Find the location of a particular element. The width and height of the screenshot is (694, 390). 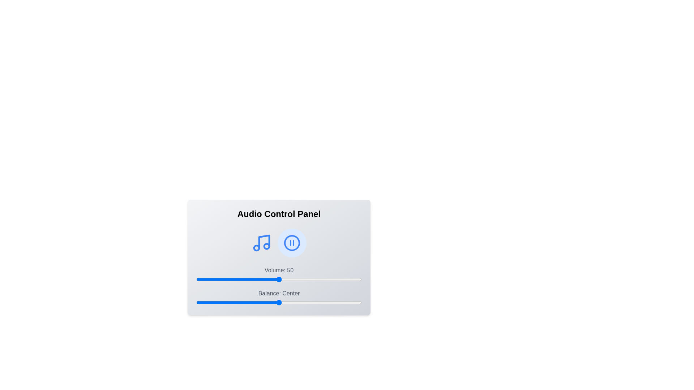

the musical note icon located to the left of the play-pause icon in the Audio Control Panel is located at coordinates (261, 243).